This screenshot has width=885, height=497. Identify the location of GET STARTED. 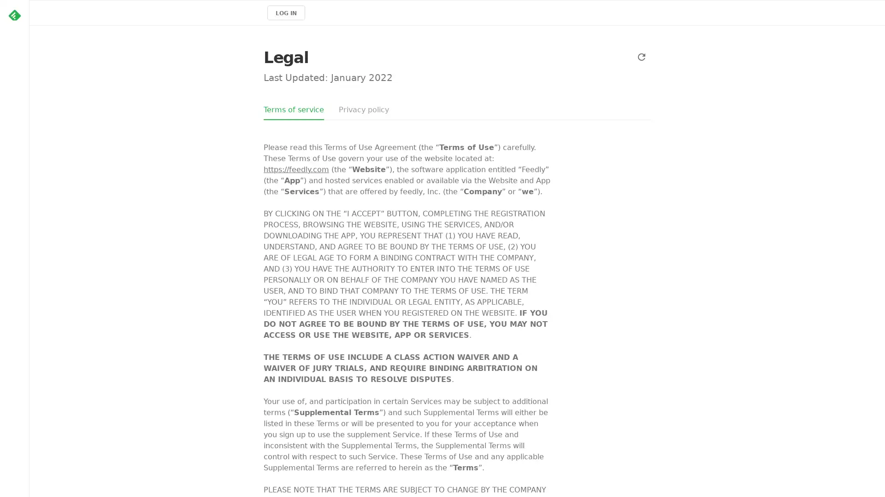
(65, 101).